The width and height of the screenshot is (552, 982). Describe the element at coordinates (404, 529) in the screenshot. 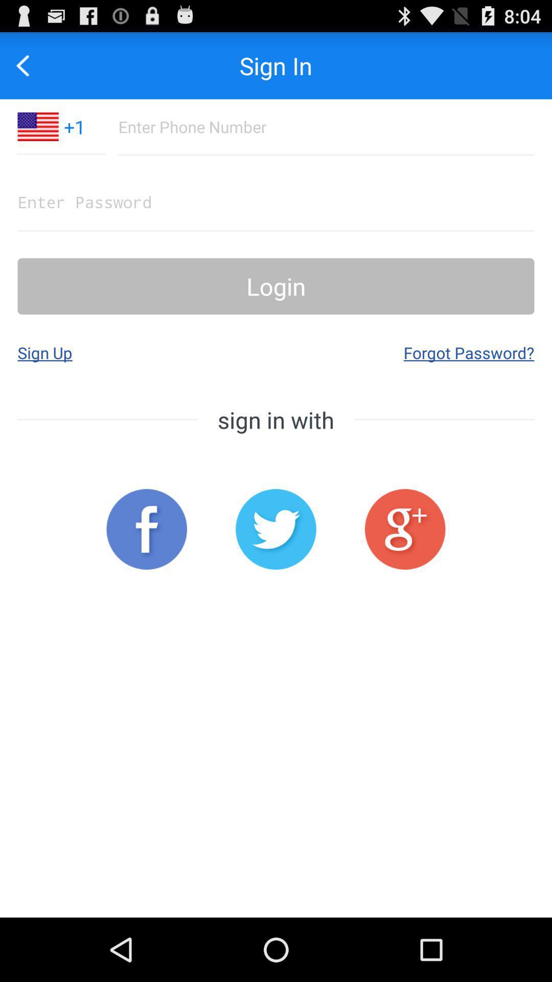

I see `sign in with google plus` at that location.